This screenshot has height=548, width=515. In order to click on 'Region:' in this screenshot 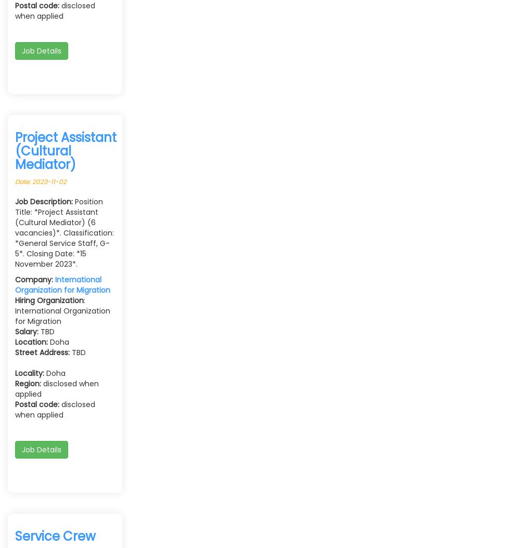, I will do `click(15, 382)`.